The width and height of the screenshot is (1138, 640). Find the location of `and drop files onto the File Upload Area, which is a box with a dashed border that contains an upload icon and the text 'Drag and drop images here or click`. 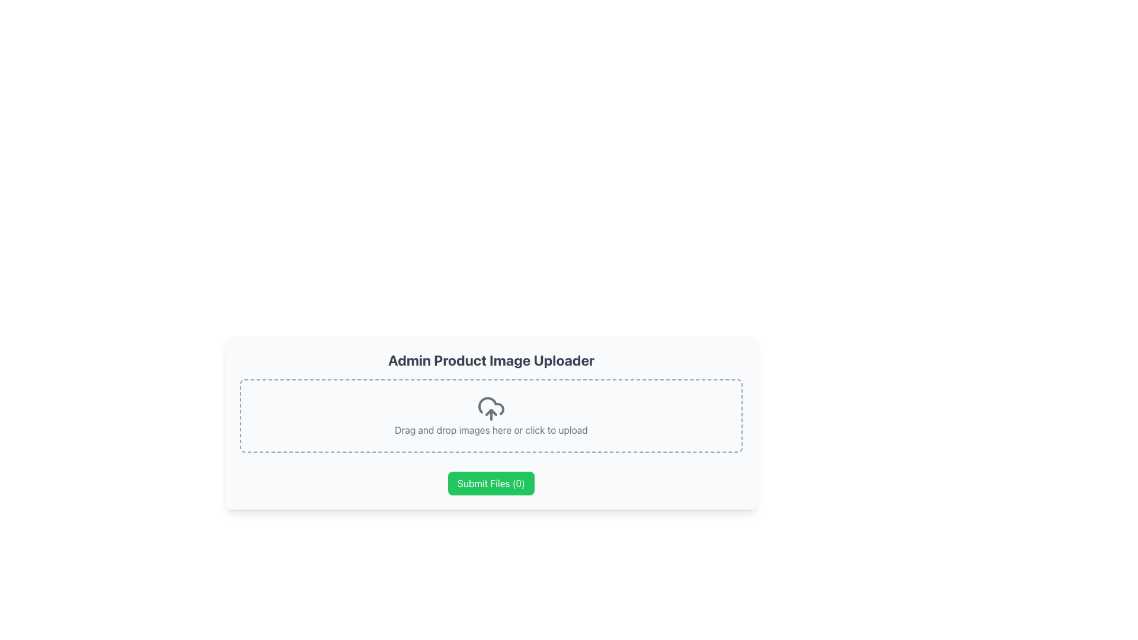

and drop files onto the File Upload Area, which is a box with a dashed border that contains an upload icon and the text 'Drag and drop images here or click is located at coordinates (491, 415).